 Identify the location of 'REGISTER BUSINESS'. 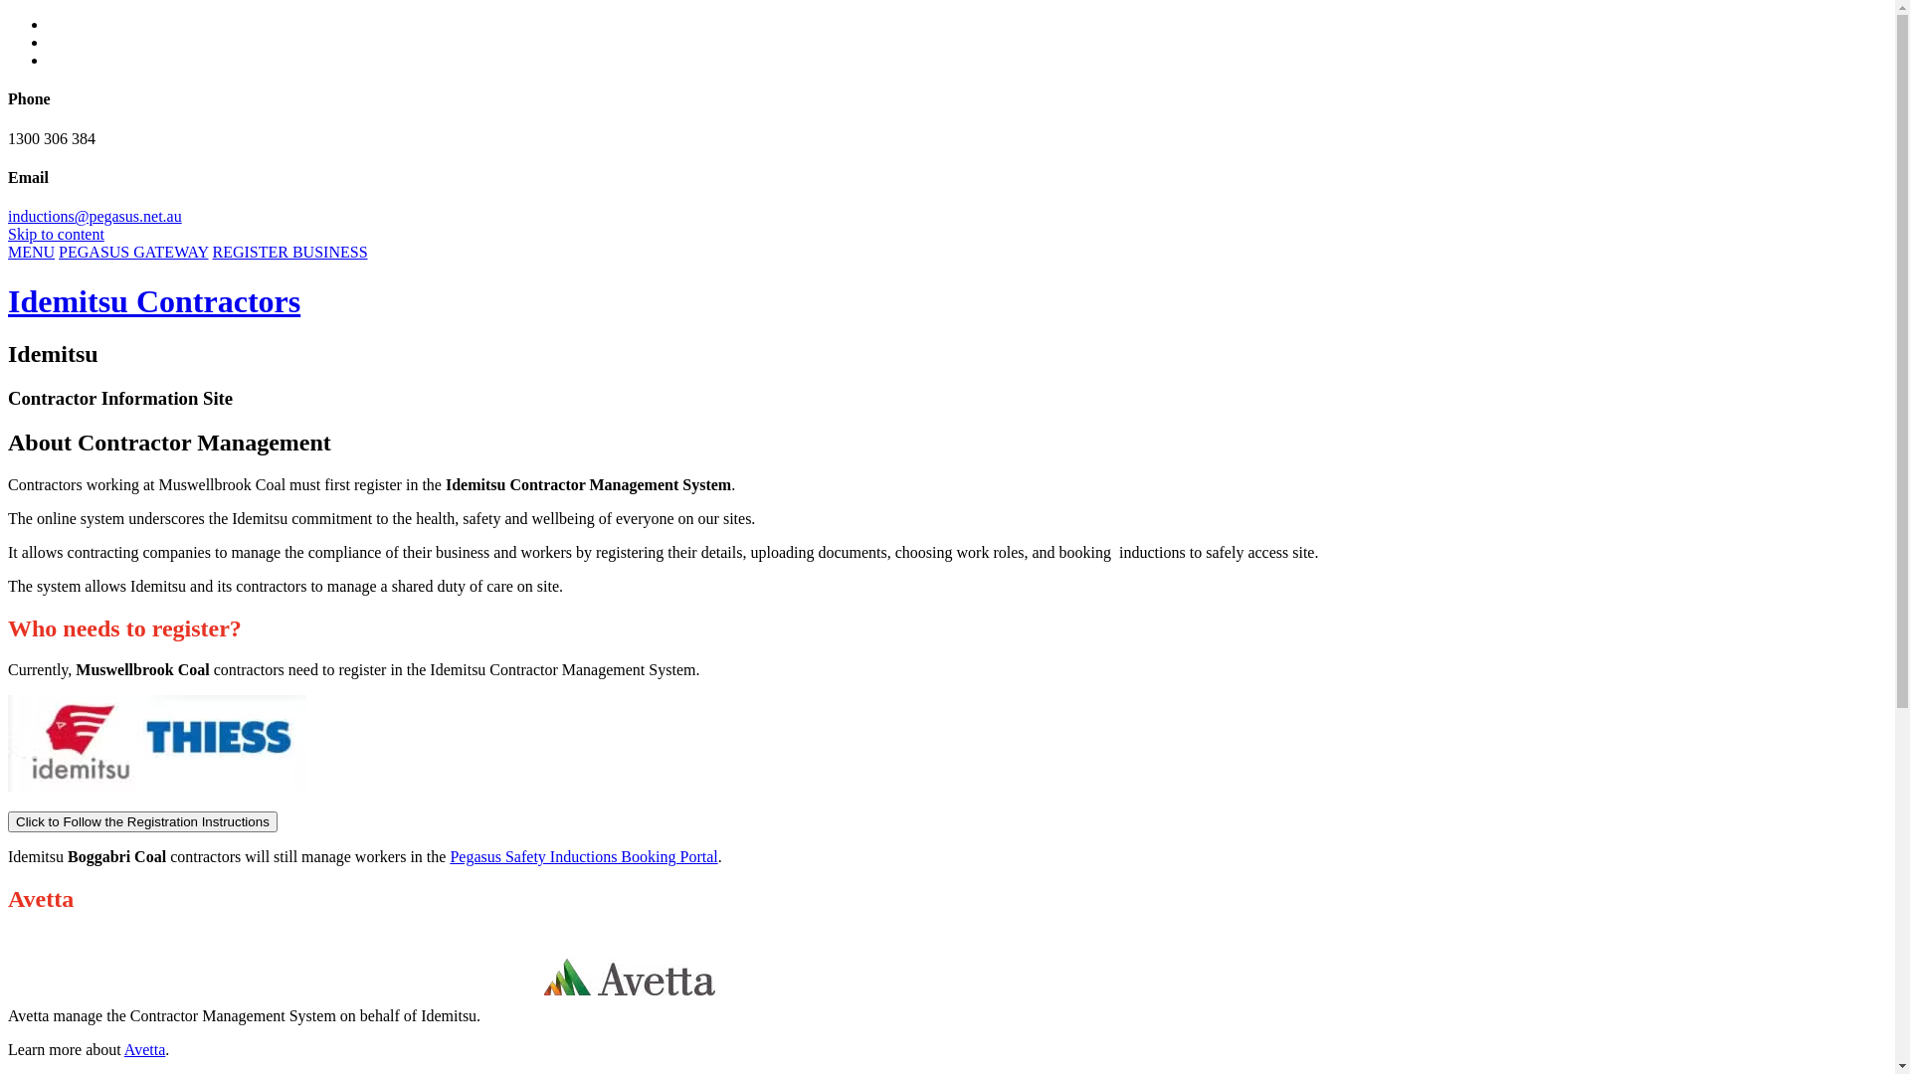
(289, 251).